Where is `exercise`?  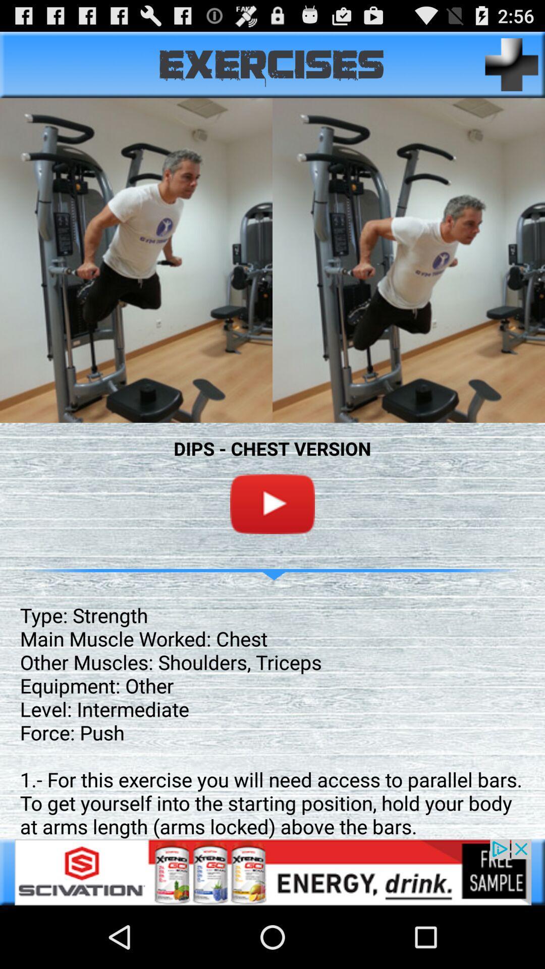
exercise is located at coordinates (512, 64).